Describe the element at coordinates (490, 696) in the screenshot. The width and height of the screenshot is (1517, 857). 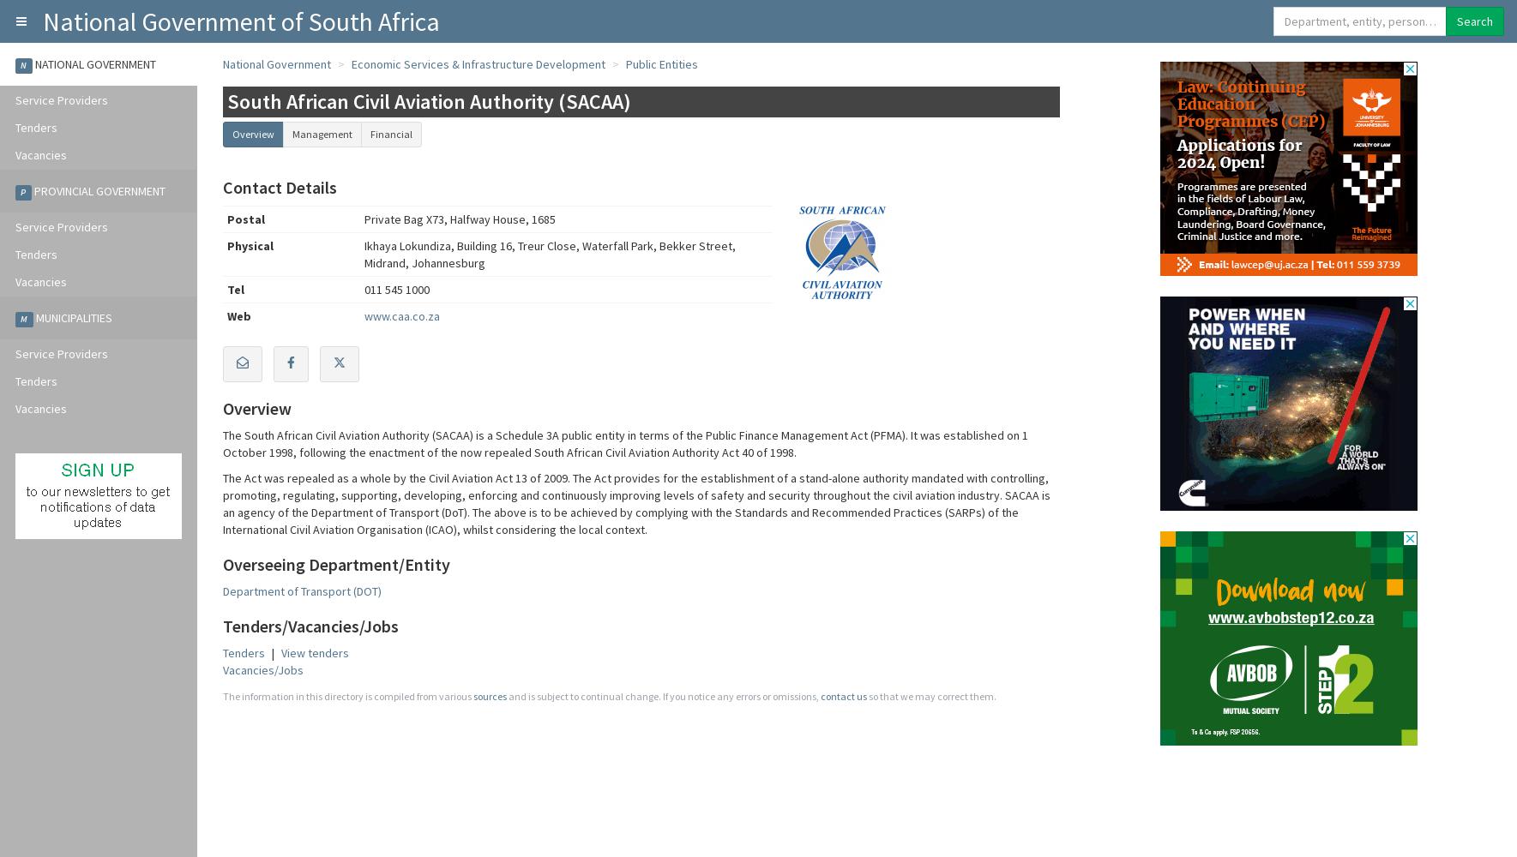
I see `'sources'` at that location.